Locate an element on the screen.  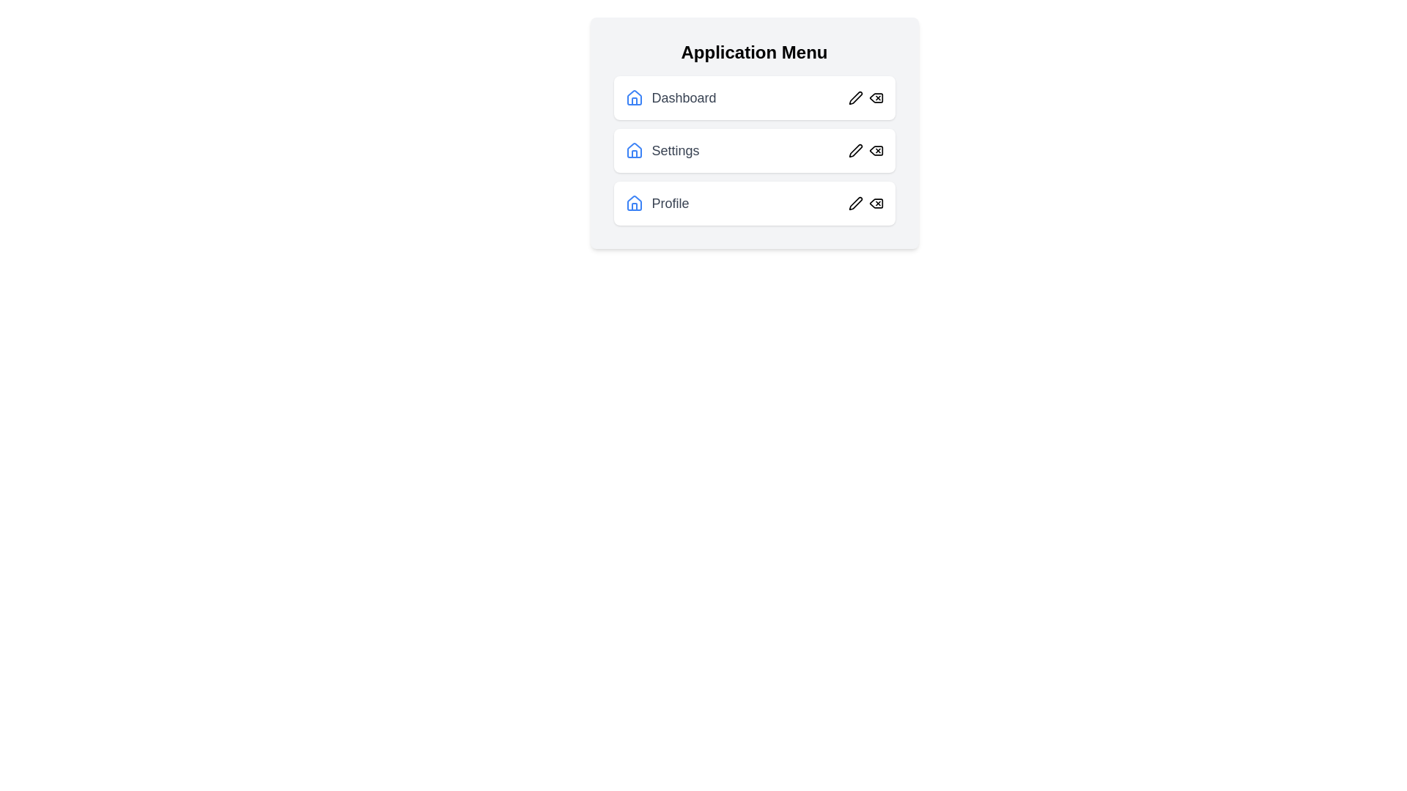
the second icon representing the delete action, which is located to the right of the 'Settings' section in the interface is located at coordinates (865, 150).